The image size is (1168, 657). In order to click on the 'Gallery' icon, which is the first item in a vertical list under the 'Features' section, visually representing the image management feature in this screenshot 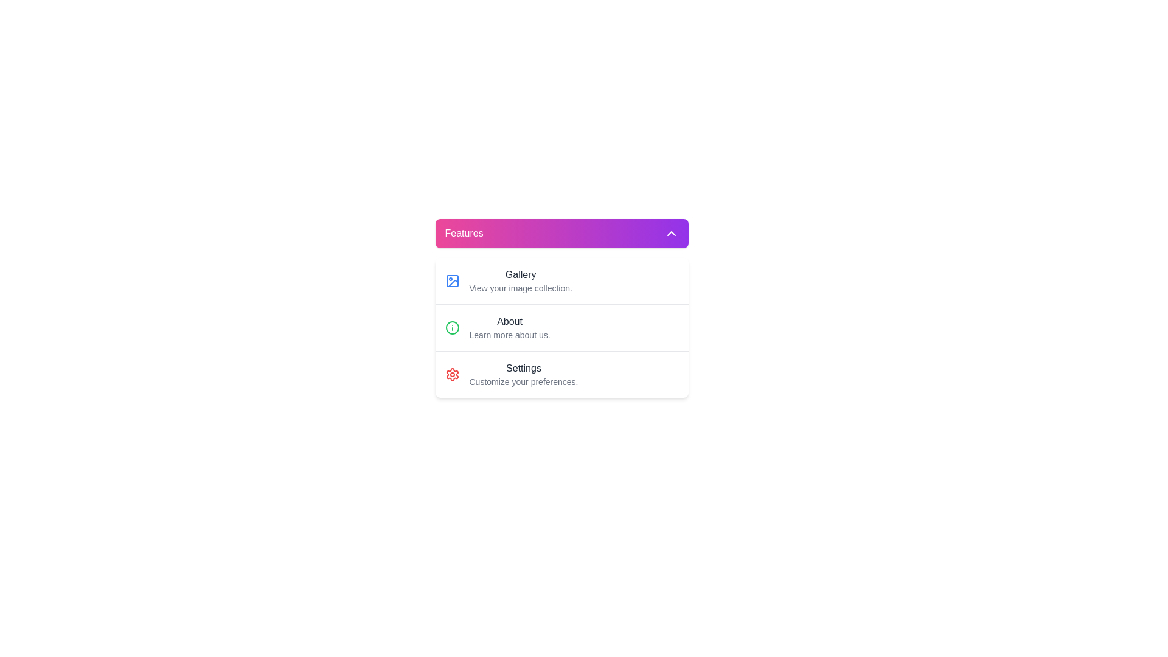, I will do `click(451, 281)`.